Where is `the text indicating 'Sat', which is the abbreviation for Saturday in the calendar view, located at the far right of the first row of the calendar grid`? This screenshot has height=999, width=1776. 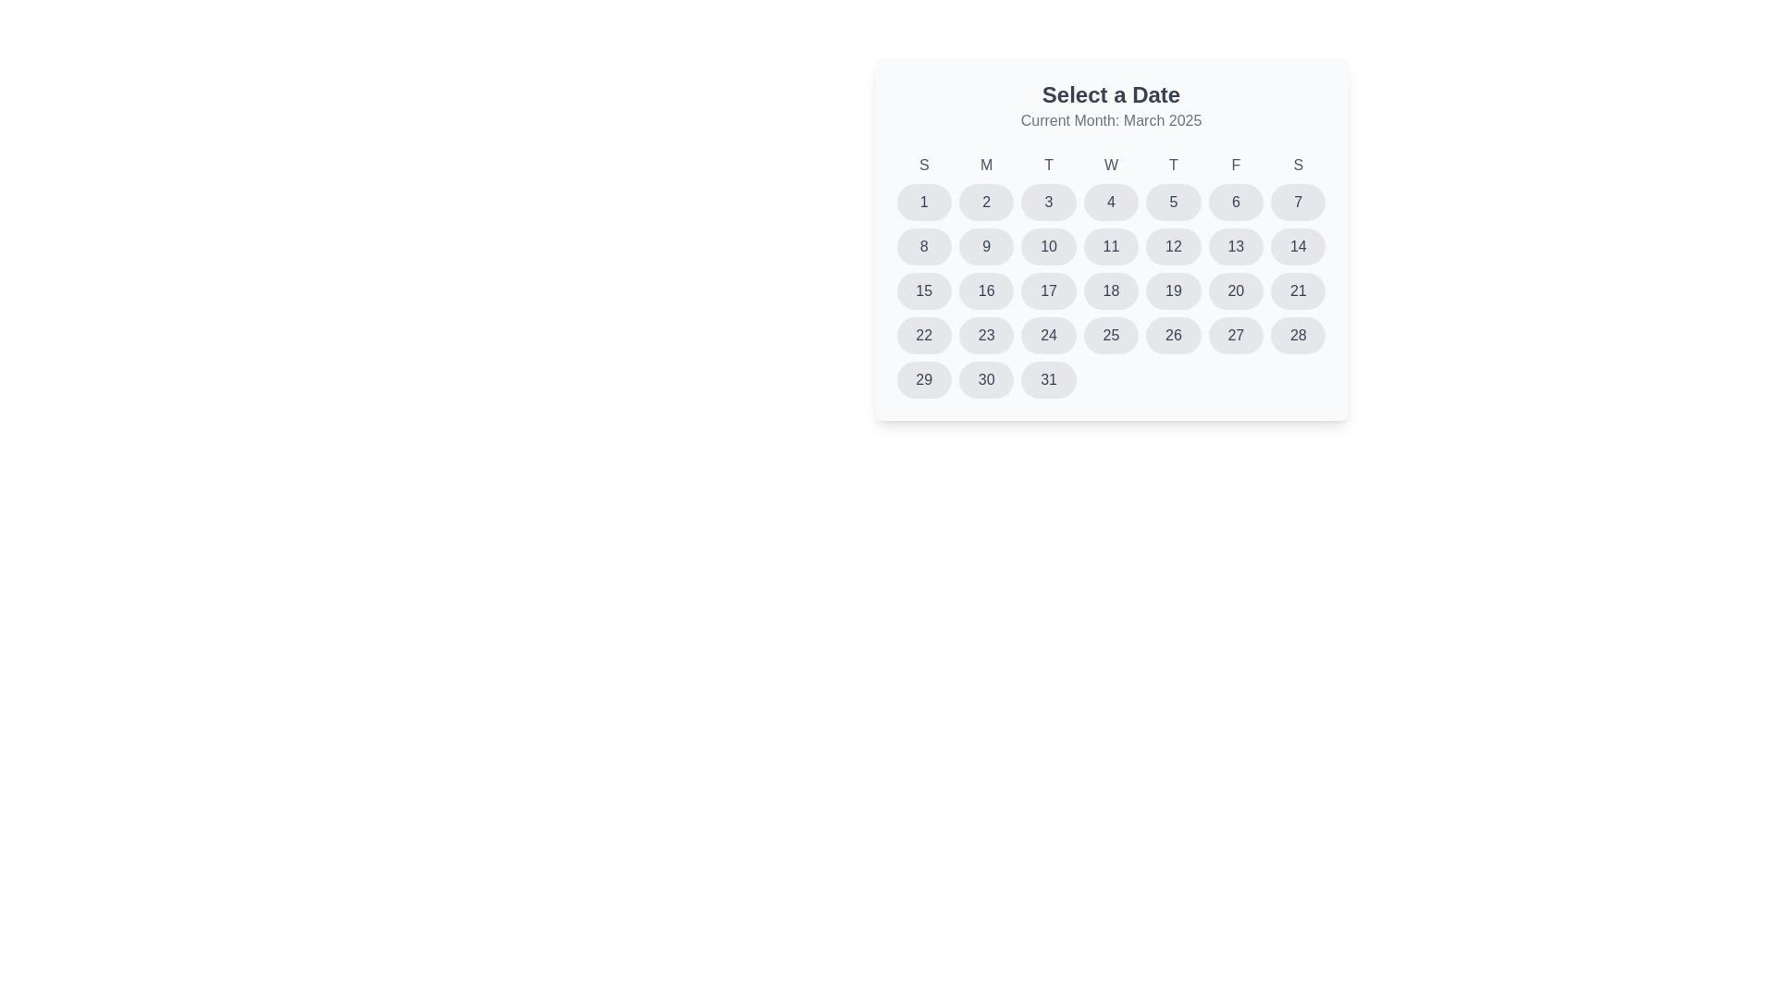
the text indicating 'Sat', which is the abbreviation for Saturday in the calendar view, located at the far right of the first row of the calendar grid is located at coordinates (1297, 164).